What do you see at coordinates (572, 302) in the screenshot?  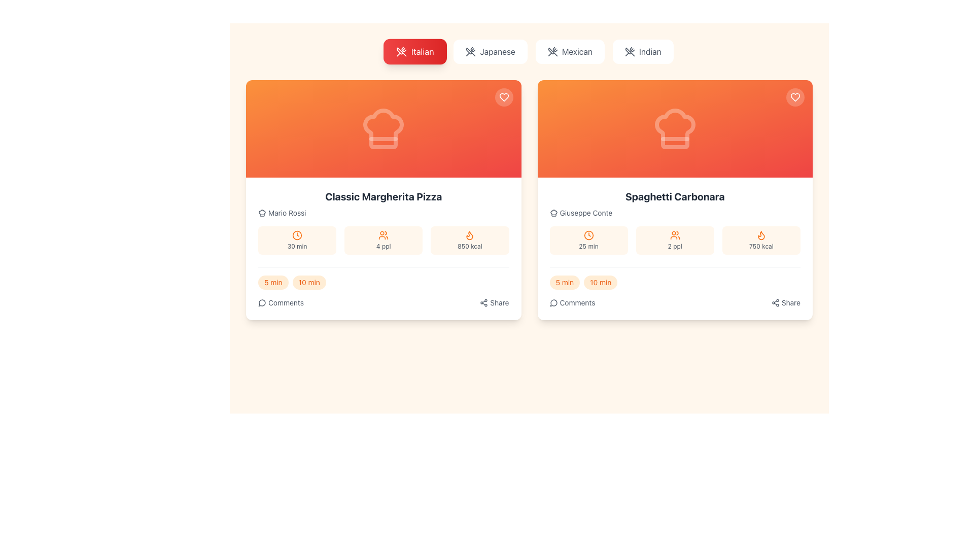 I see `the Comments button, which is the first interactive button in the row under the 'Spaghetti Carbonara' card` at bounding box center [572, 302].